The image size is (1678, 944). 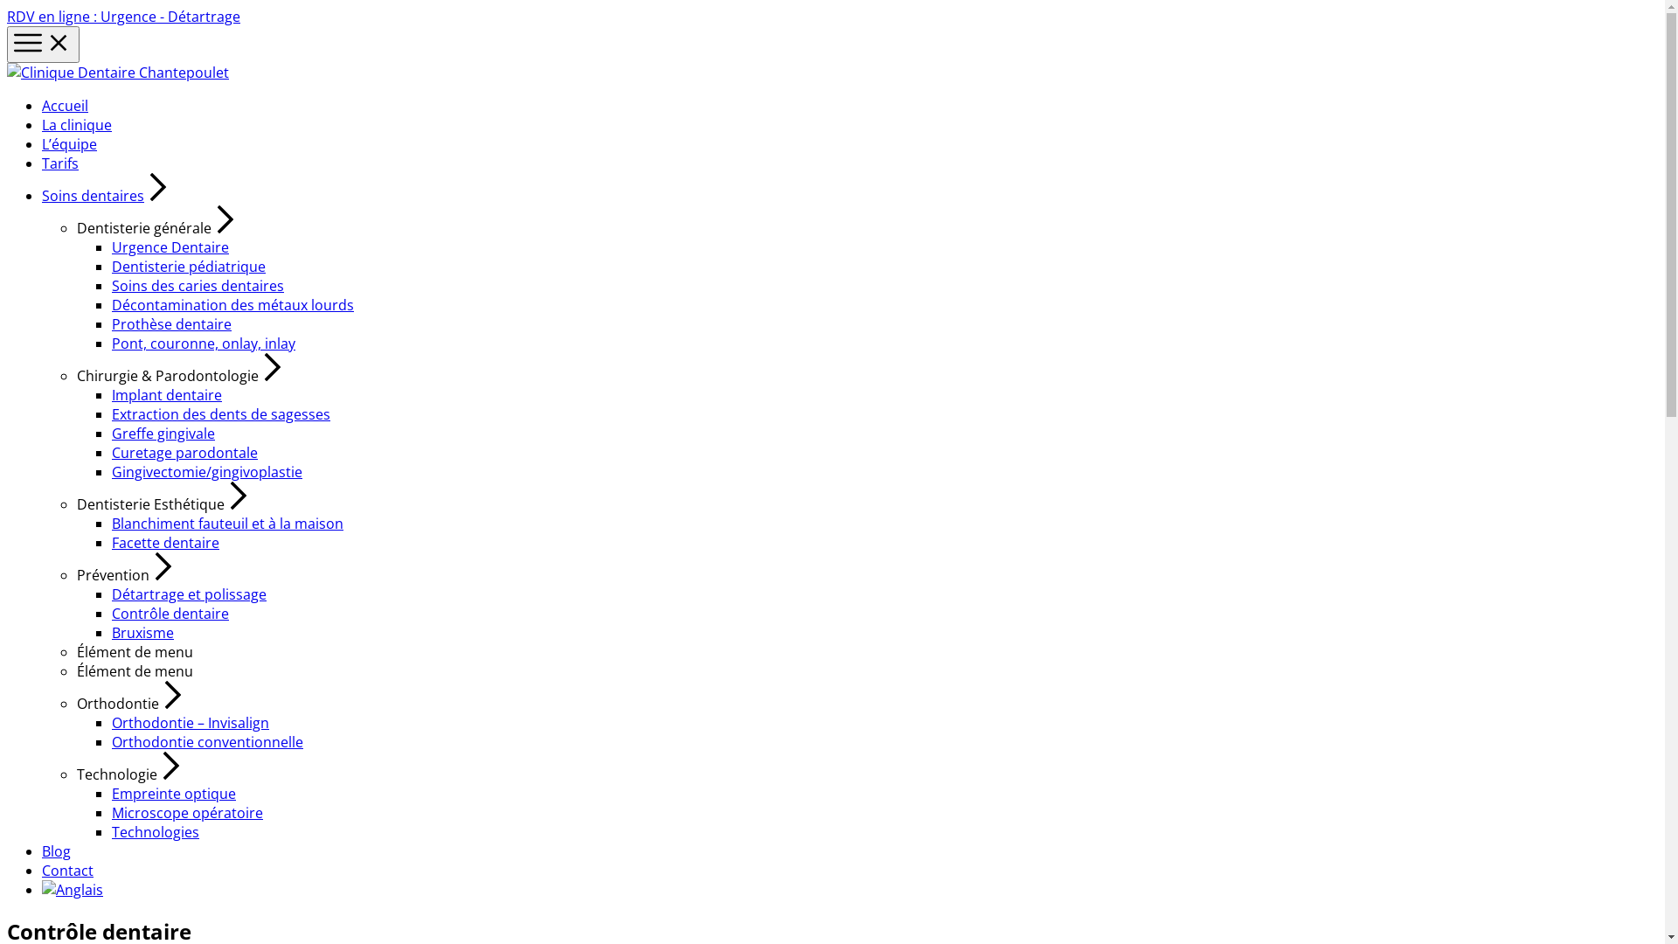 I want to click on 'Implant dentaire', so click(x=167, y=394).